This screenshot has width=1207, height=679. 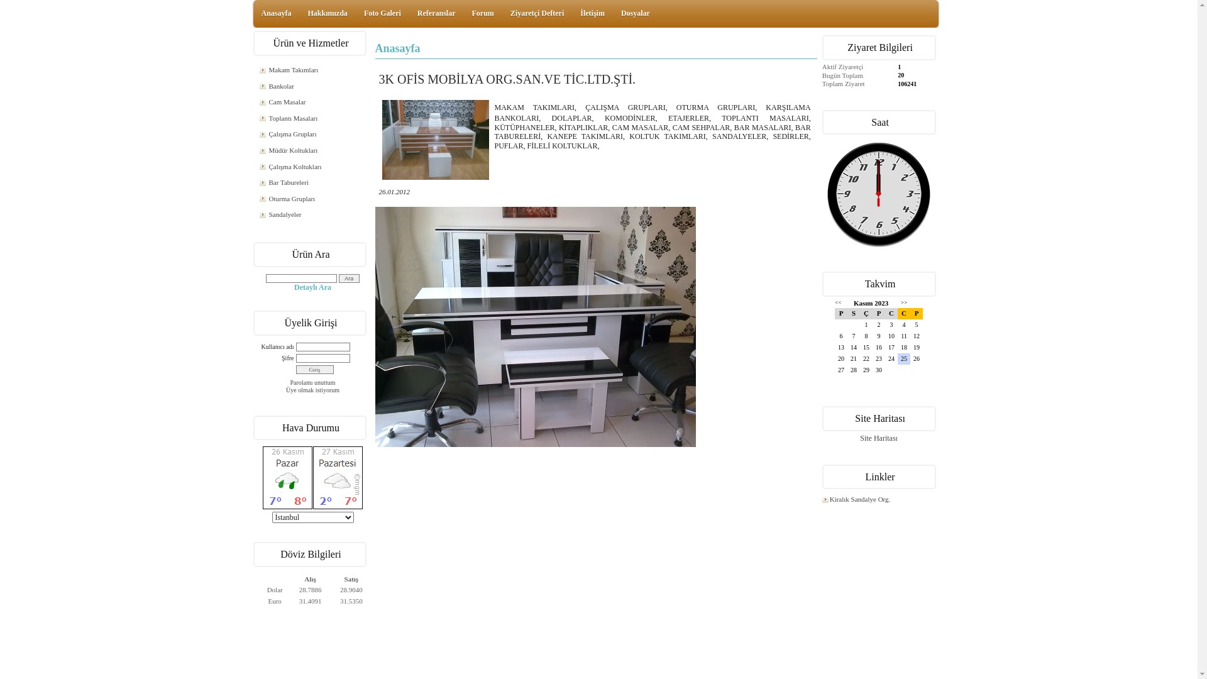 What do you see at coordinates (382, 13) in the screenshot?
I see `'Foto Galeri'` at bounding box center [382, 13].